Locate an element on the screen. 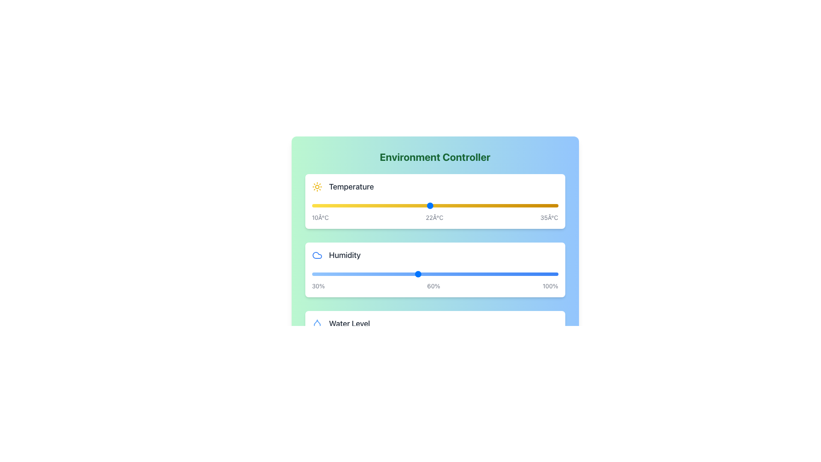 Image resolution: width=821 pixels, height=462 pixels. the temperature is located at coordinates (479, 206).